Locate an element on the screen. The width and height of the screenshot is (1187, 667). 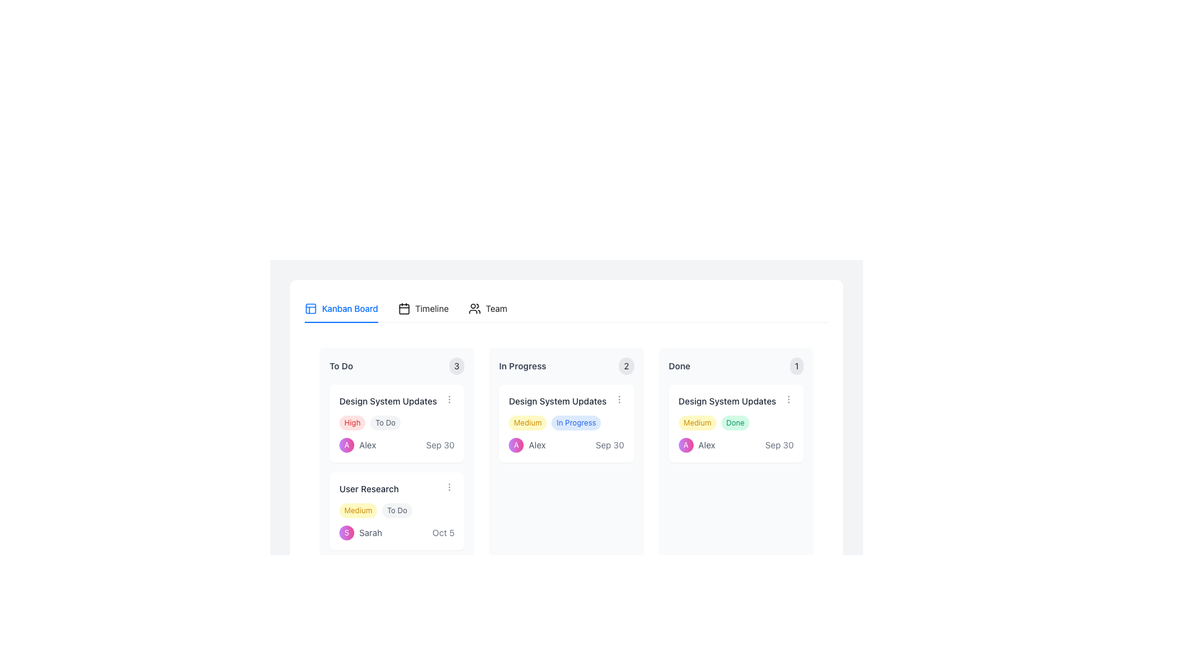
the compound component consisting of two text labels categorized as badges or tags, with the left label reading 'Medium' on a yellow background and the right label reading 'To Do' on a light gray background, located in the 'User Research' card within the 'To Do' column of the Kanban board is located at coordinates (397, 510).